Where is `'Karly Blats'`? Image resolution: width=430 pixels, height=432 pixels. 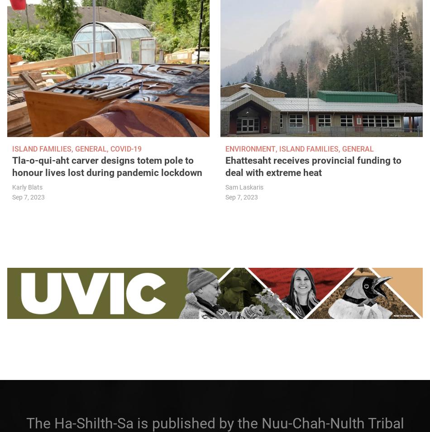
'Karly Blats' is located at coordinates (27, 187).